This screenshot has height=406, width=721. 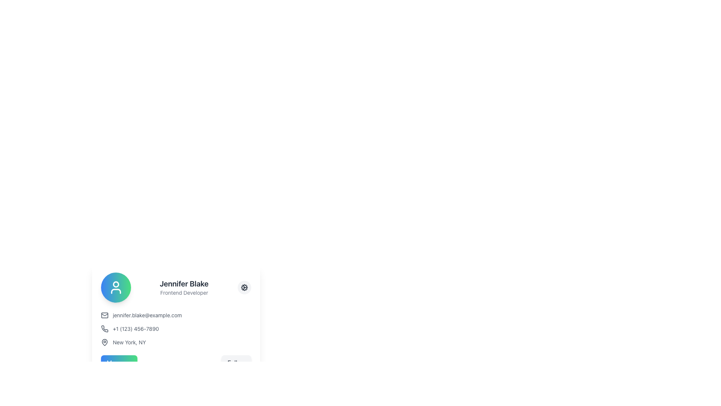 I want to click on the text display element that shows the phone number, which is located to the right of a small phone icon in the contact card layout, so click(x=136, y=329).